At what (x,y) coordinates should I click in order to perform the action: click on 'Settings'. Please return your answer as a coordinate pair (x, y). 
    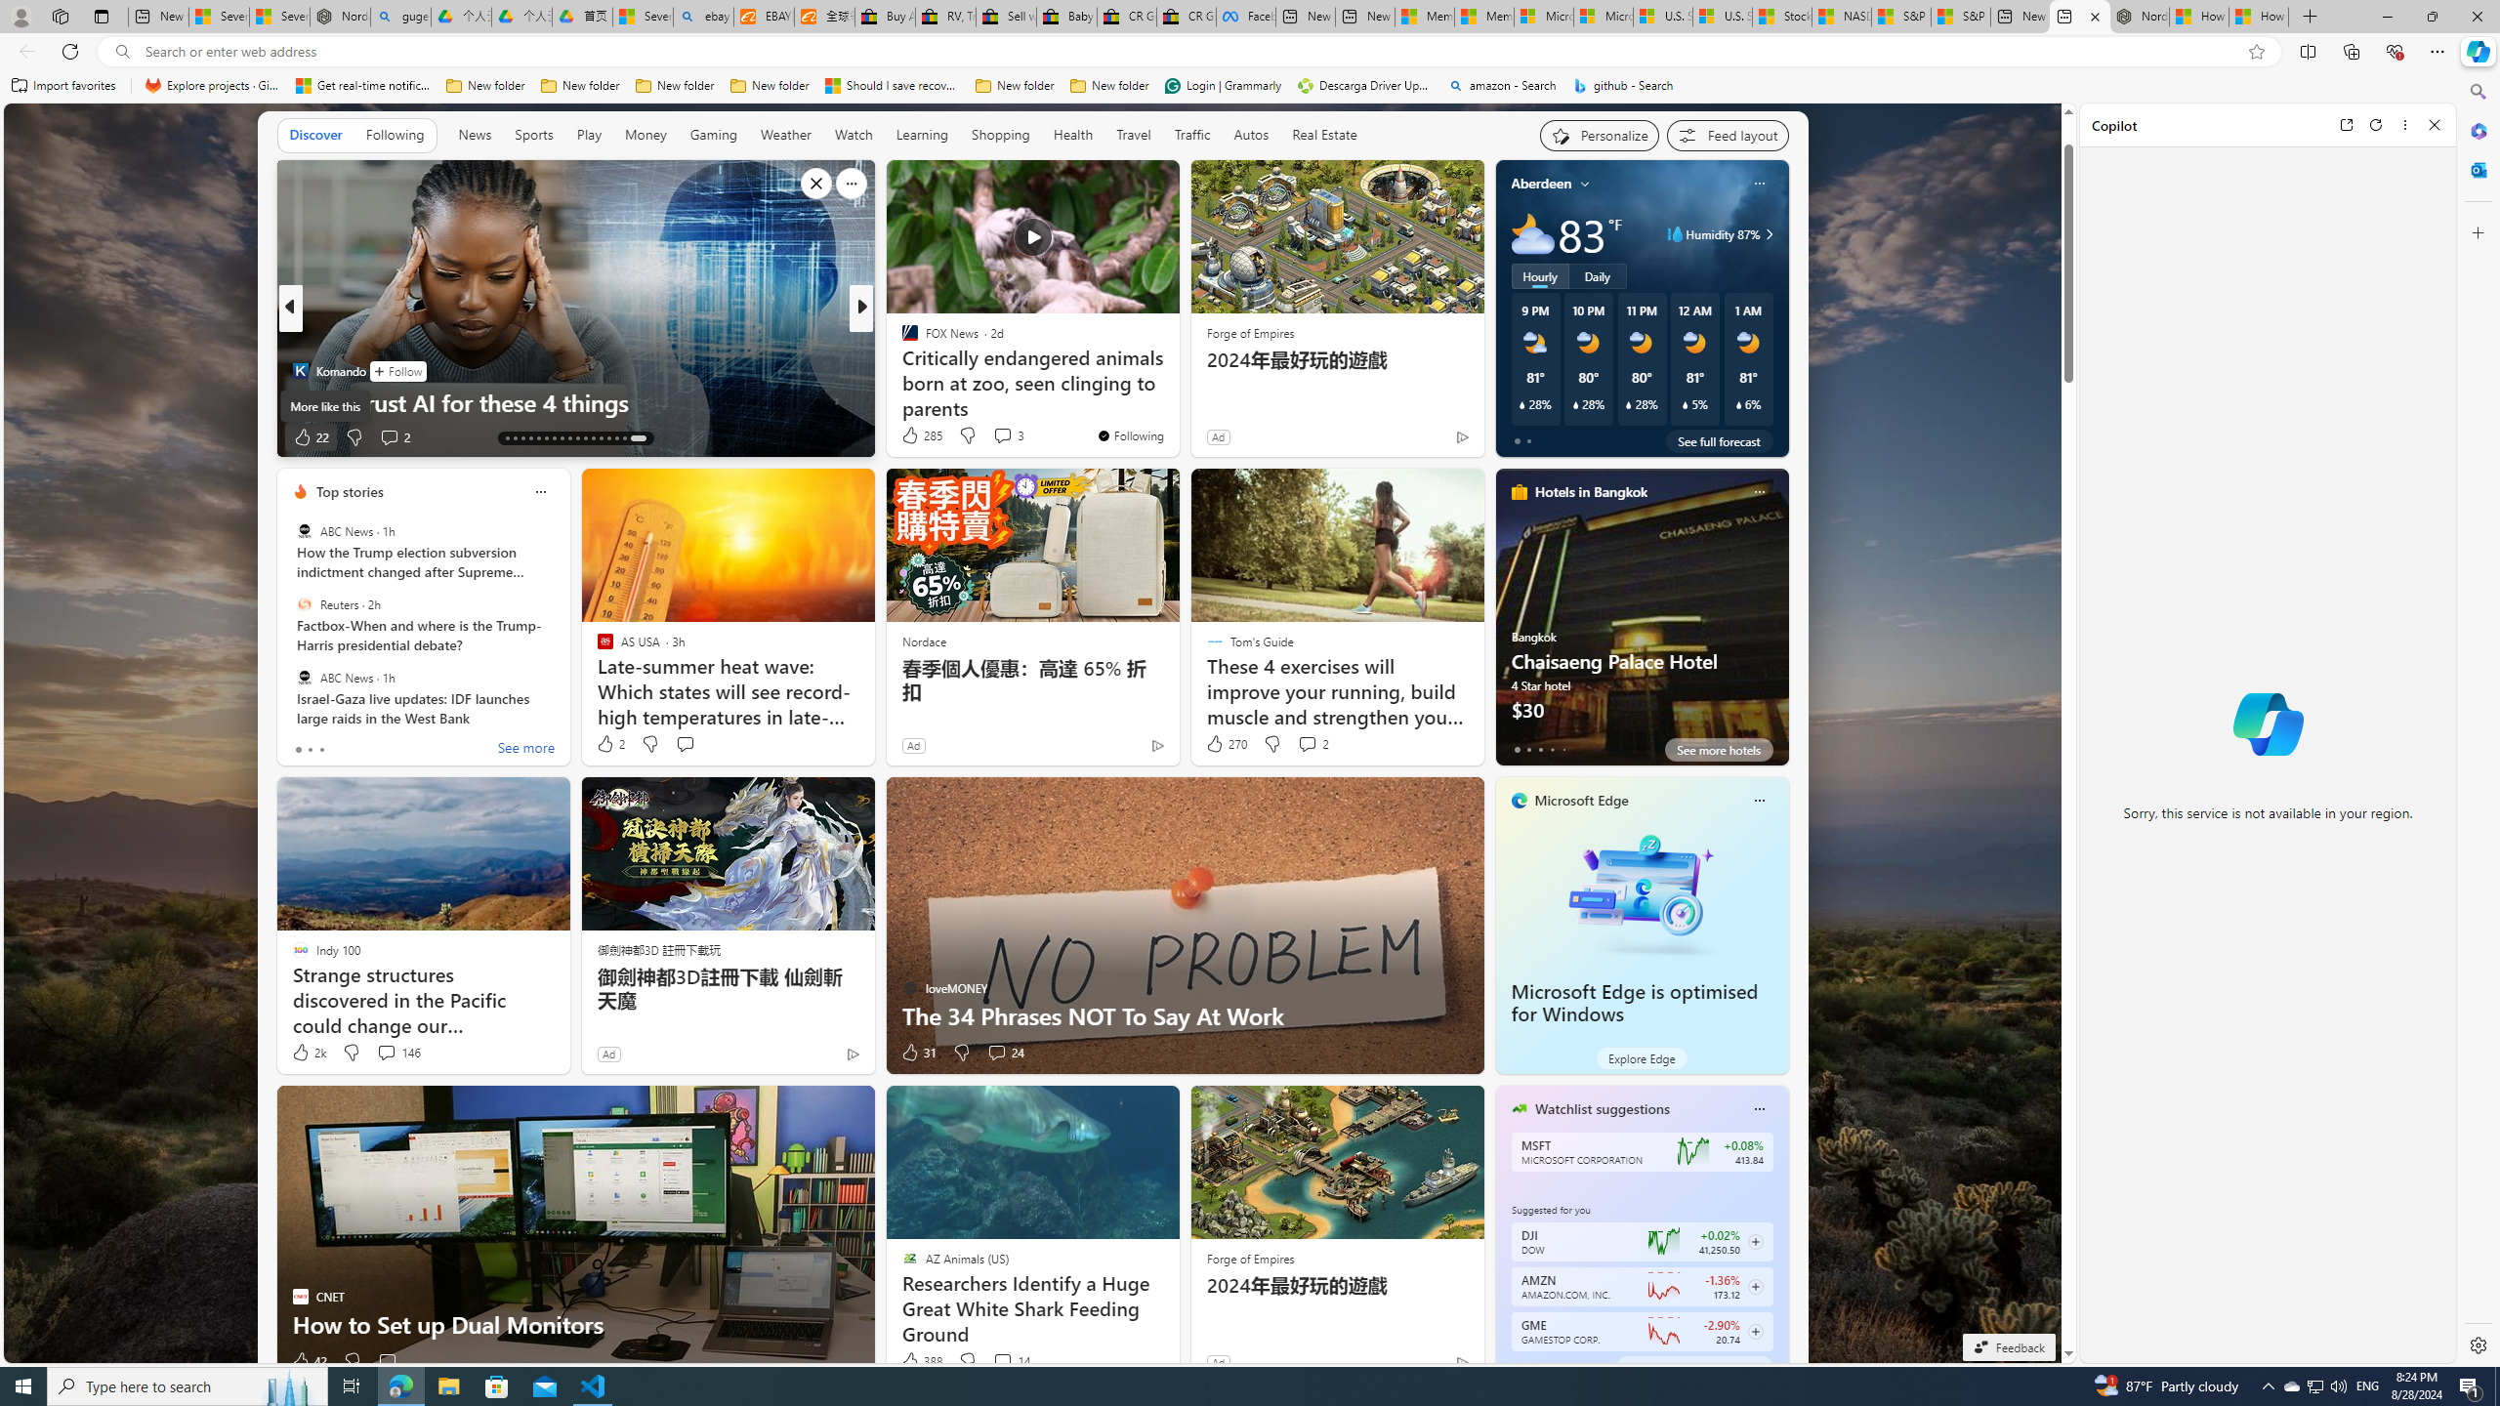
    Looking at the image, I should click on (2476, 1344).